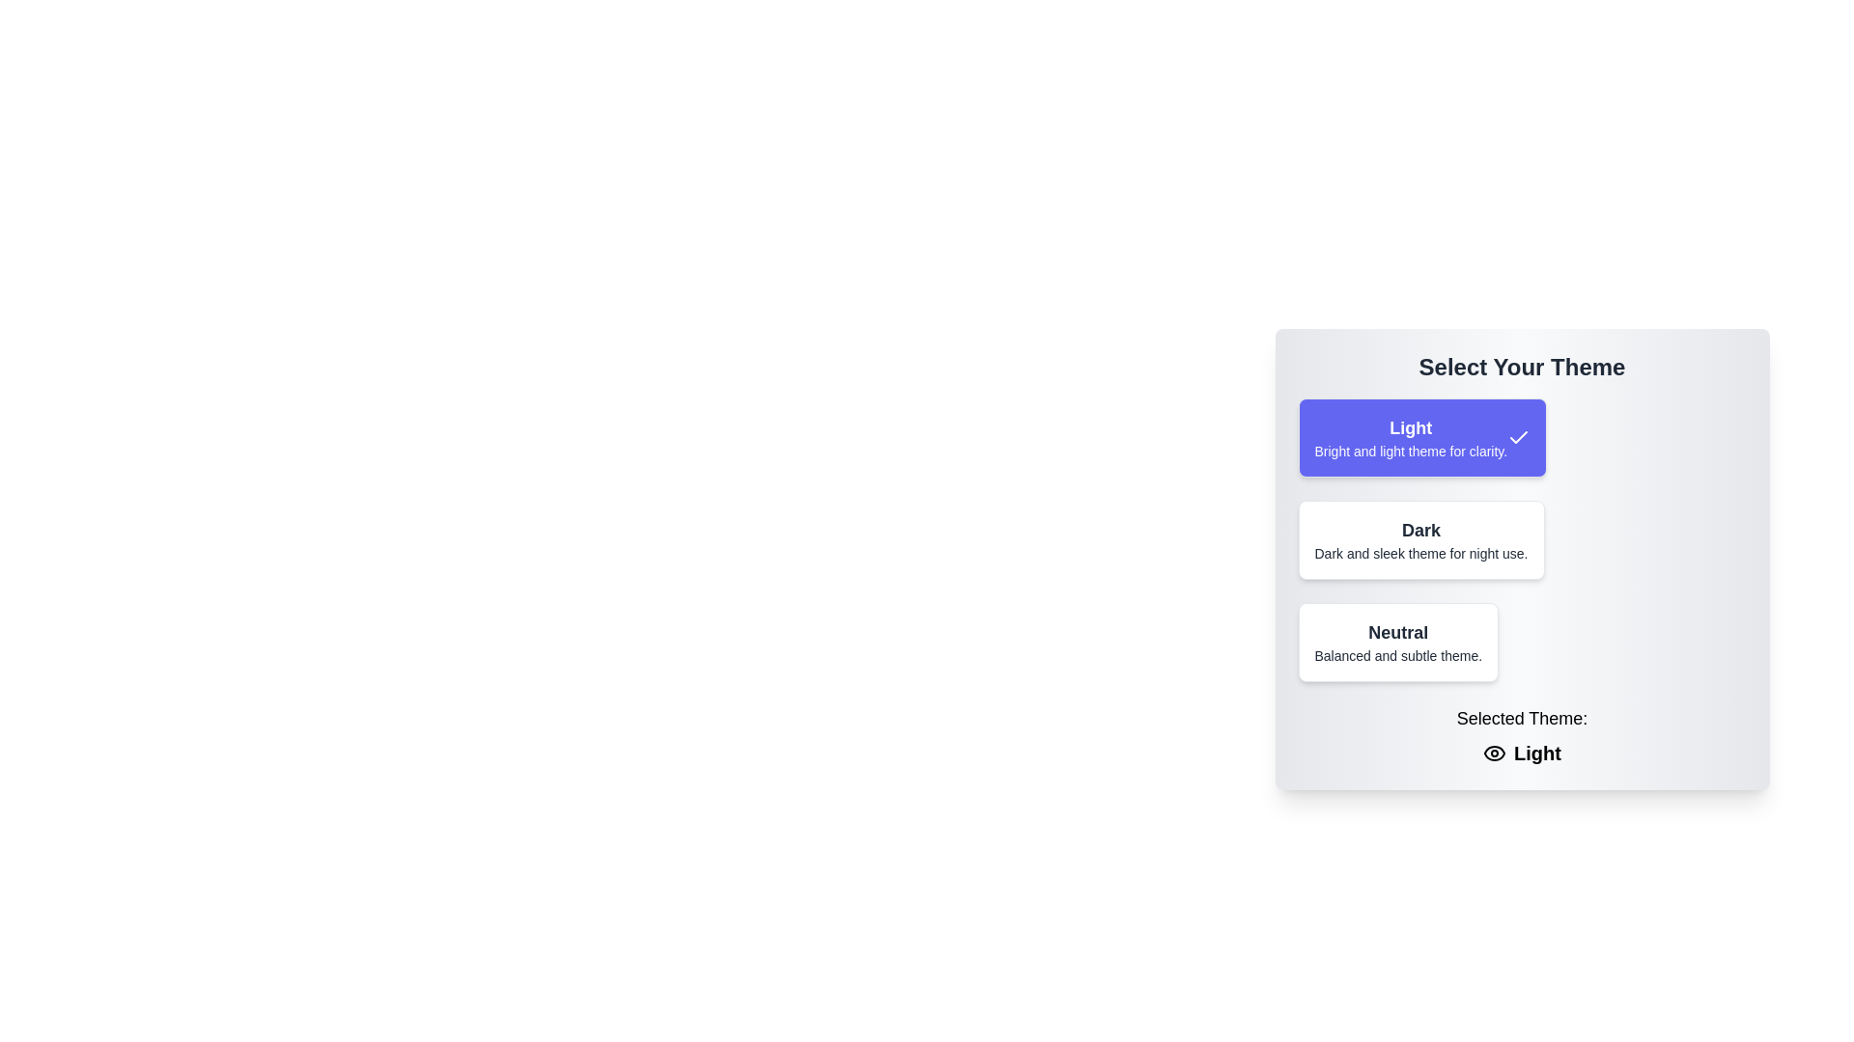 The image size is (1854, 1042). What do you see at coordinates (1411, 426) in the screenshot?
I see `the text label displaying 'Light' in bold white font on a purple background, located at the top of the 'Light' UI card` at bounding box center [1411, 426].